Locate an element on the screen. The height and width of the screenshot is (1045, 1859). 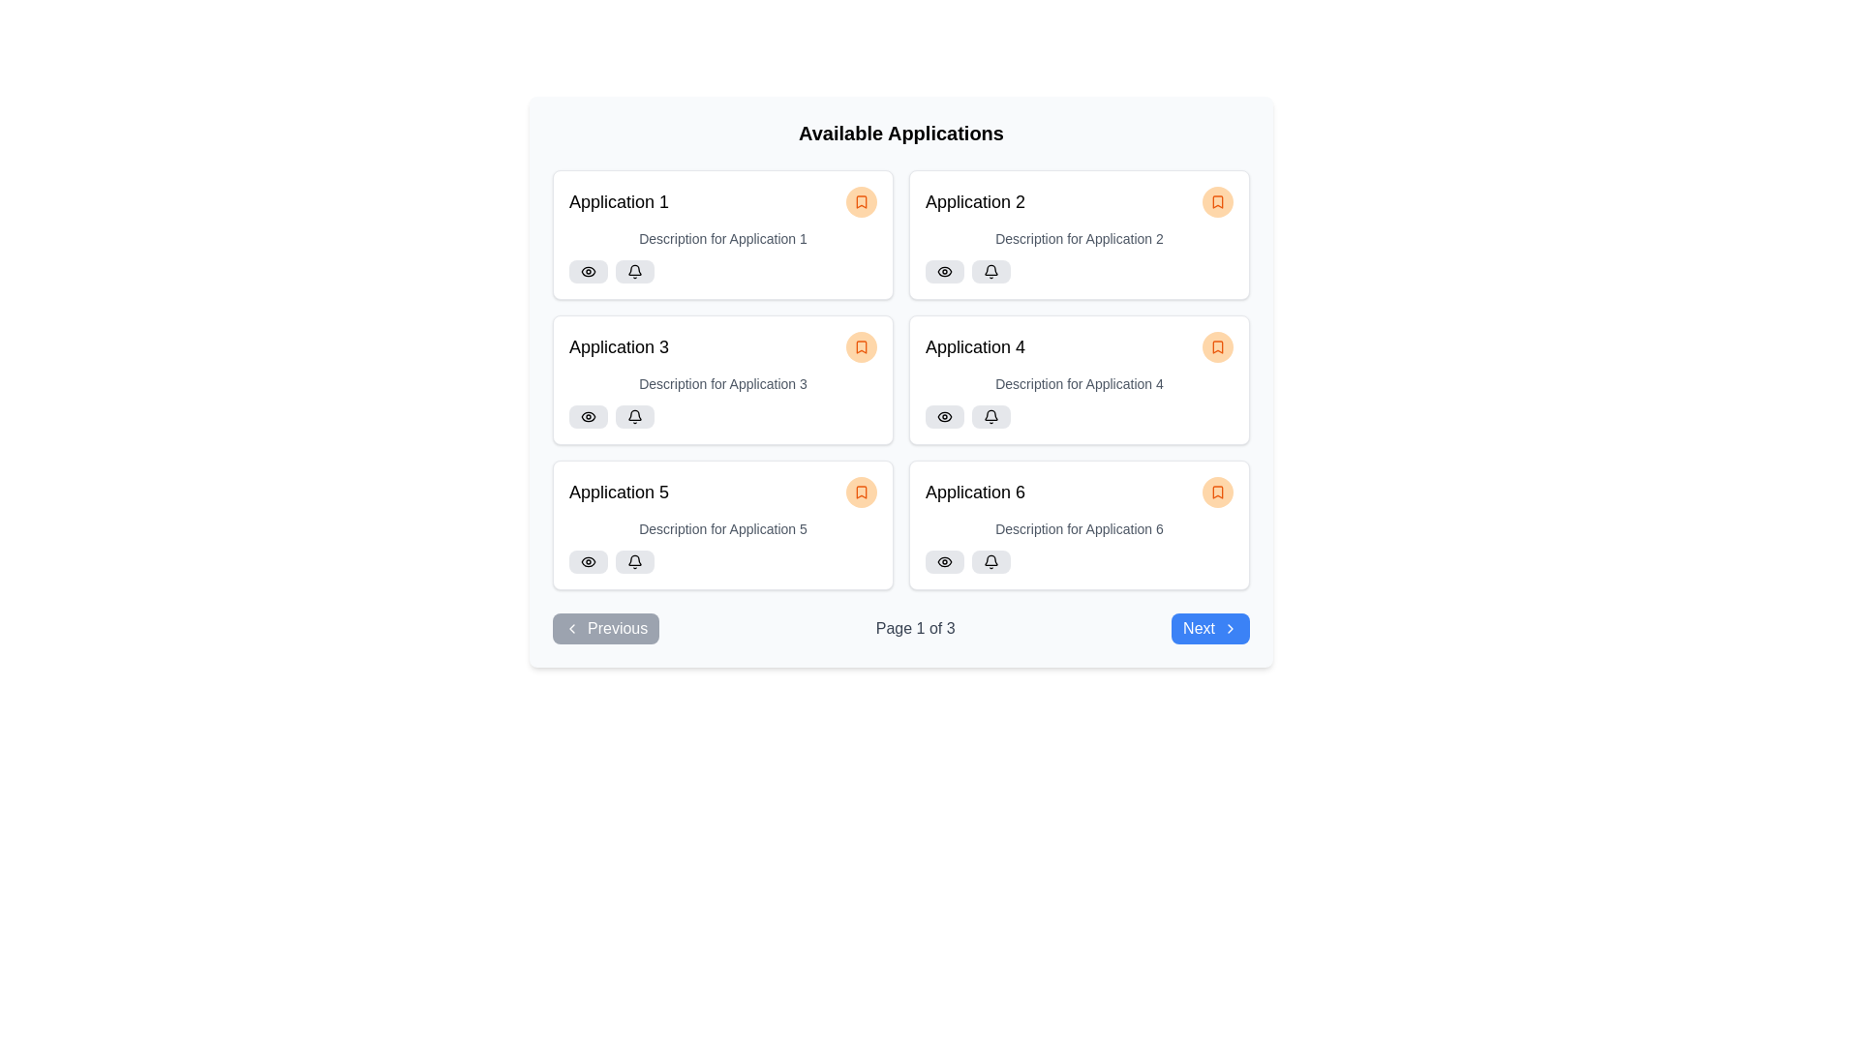
the 'view details' button located in the card labeled 'Application 2' in the upper right section of the layout is located at coordinates (944, 272).